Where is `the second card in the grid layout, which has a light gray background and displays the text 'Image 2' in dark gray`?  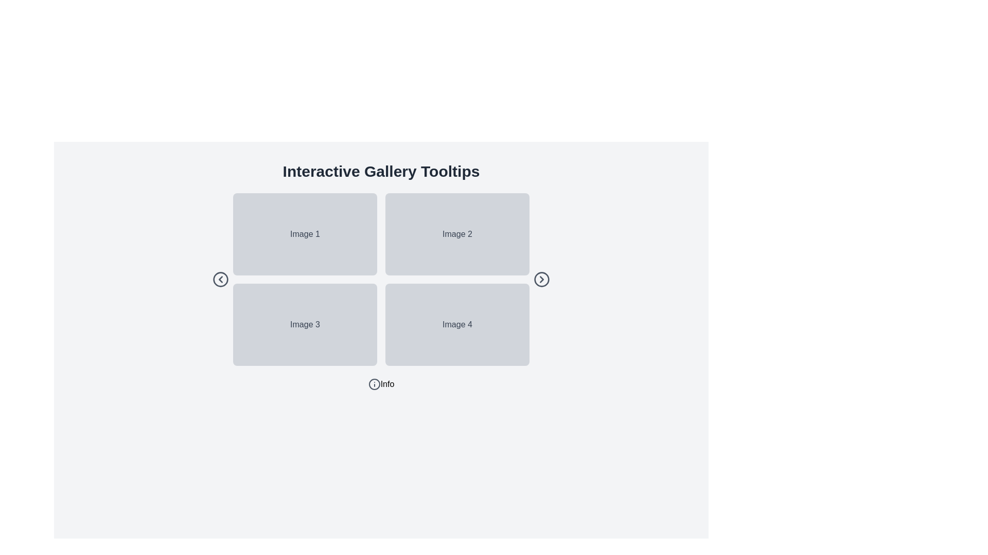
the second card in the grid layout, which has a light gray background and displays the text 'Image 2' in dark gray is located at coordinates (456, 234).